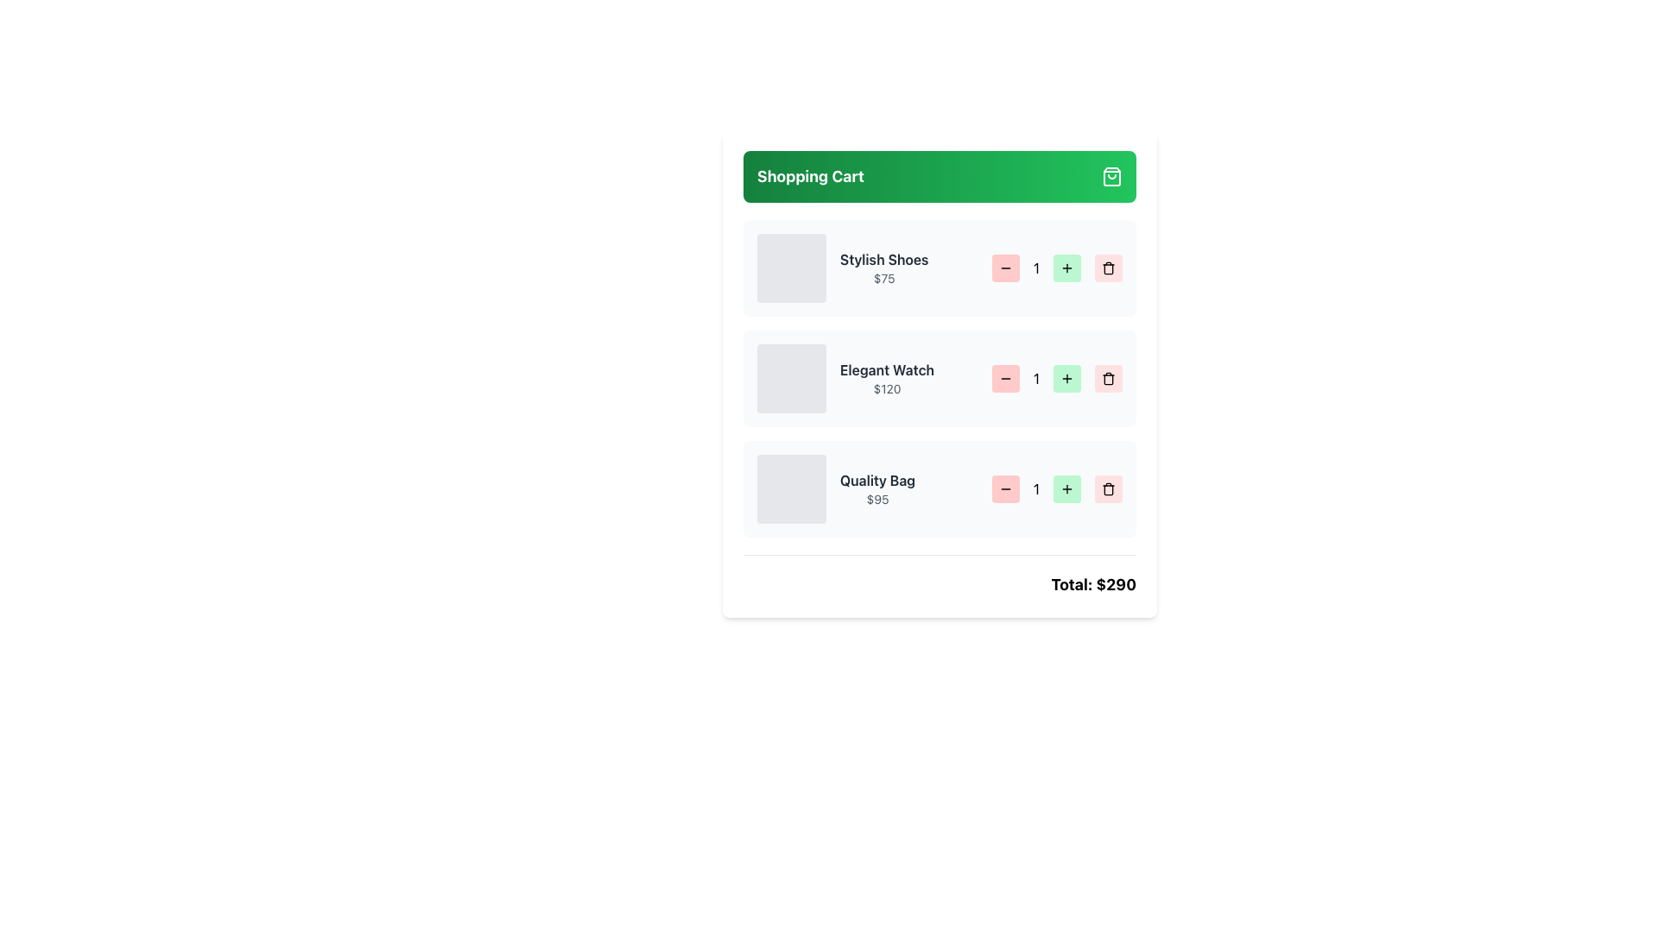 The width and height of the screenshot is (1658, 932). I want to click on the green plus symbol button located on the right side of the 'Quality Bag' row in the shopping cart interface to increment the item's quantity, so click(1066, 489).